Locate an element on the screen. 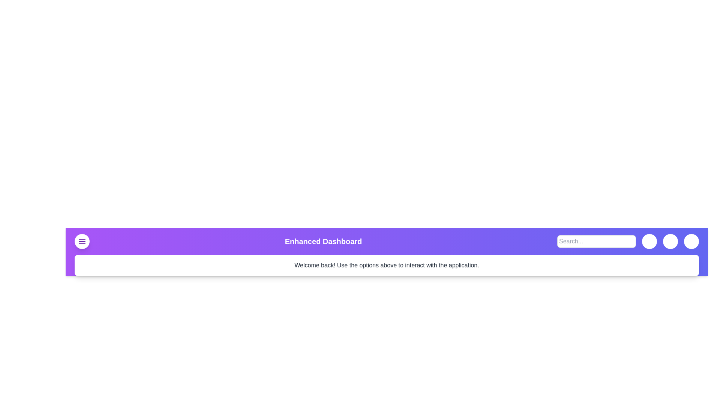 This screenshot has width=720, height=405. the menu button to toggle the menu visibility is located at coordinates (82, 241).